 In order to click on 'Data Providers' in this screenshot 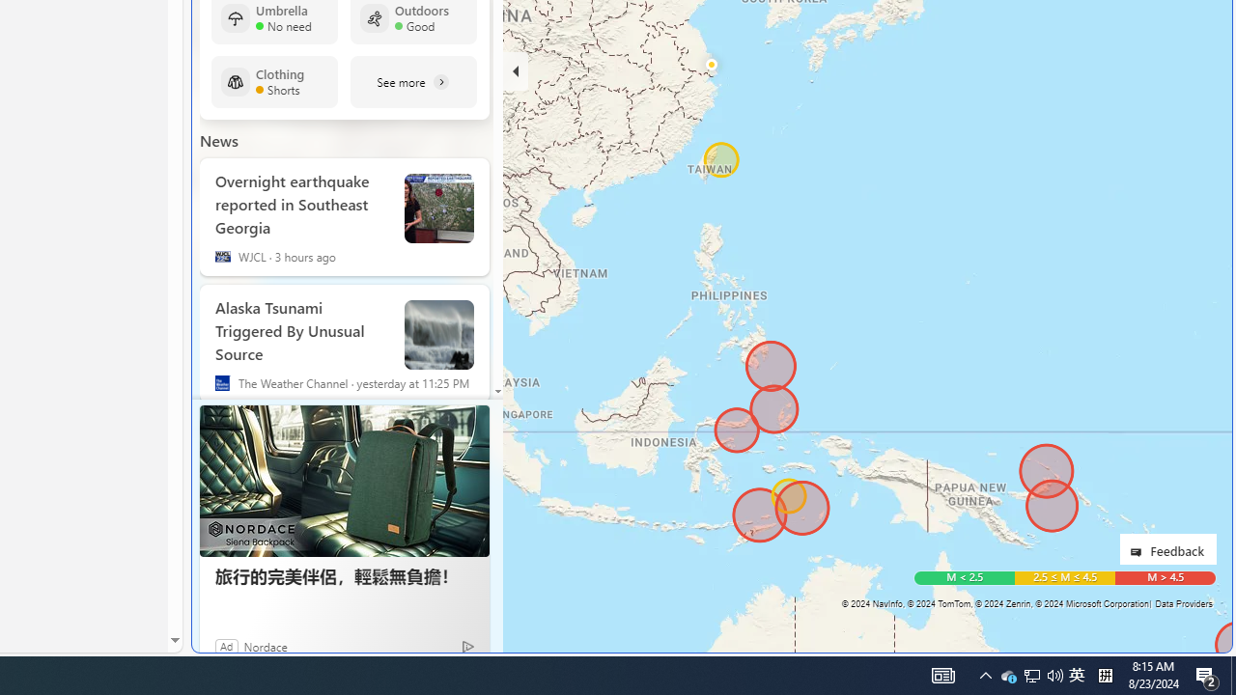, I will do `click(1182, 602)`.